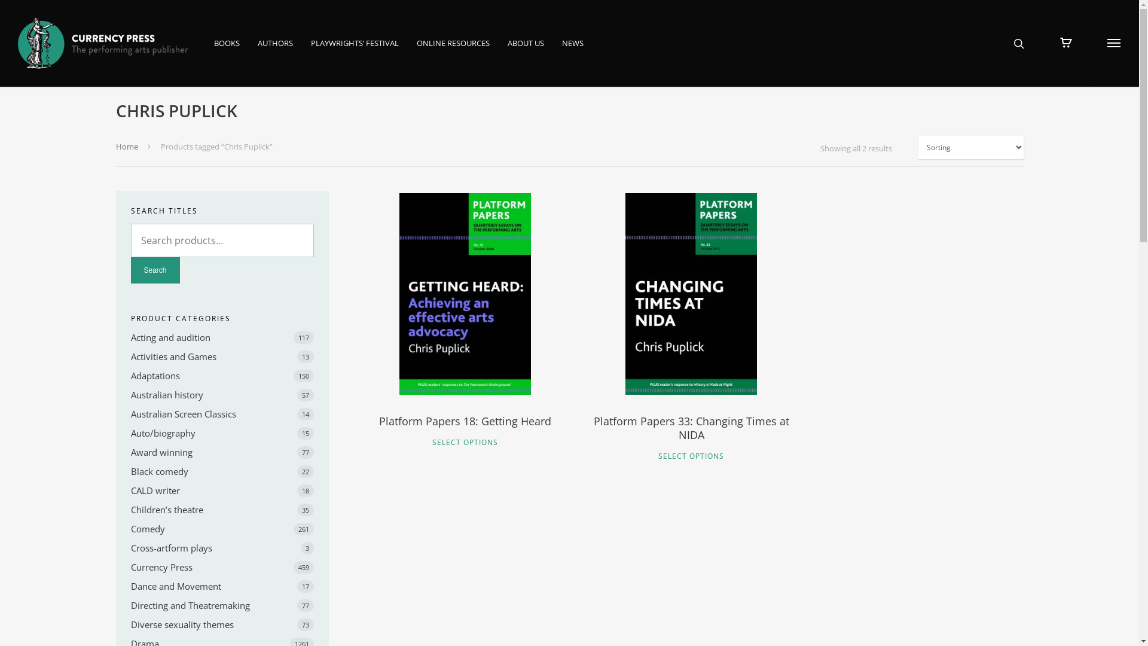 The height and width of the screenshot is (646, 1148). Describe the element at coordinates (222, 585) in the screenshot. I see `'Dance and Movement'` at that location.